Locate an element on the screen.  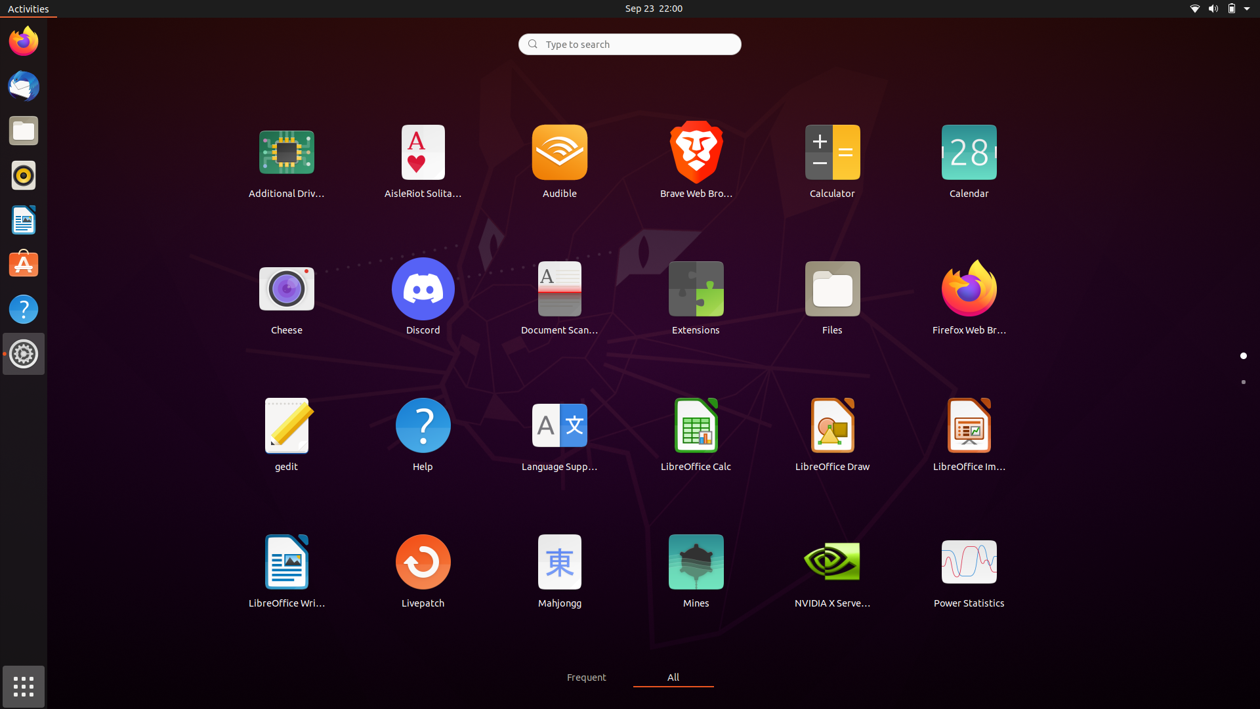
Activate the Calendar program is located at coordinates (969, 160).